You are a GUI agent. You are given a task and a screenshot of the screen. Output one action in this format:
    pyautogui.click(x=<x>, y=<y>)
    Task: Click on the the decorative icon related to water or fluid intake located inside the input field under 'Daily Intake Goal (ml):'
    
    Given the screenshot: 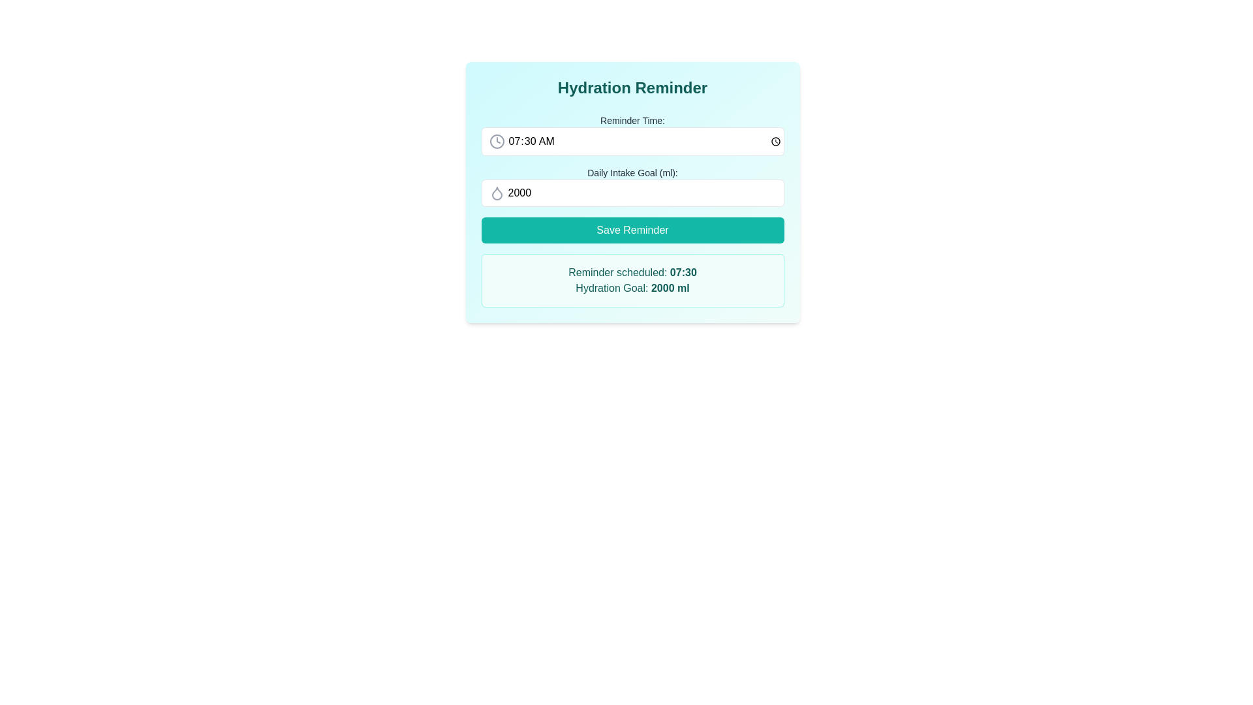 What is the action you would take?
    pyautogui.click(x=496, y=193)
    